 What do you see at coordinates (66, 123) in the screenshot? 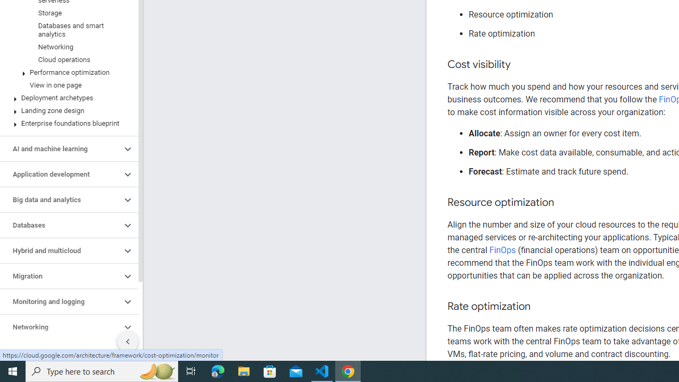
I see `'Enterprise foundations blueprint'` at bounding box center [66, 123].